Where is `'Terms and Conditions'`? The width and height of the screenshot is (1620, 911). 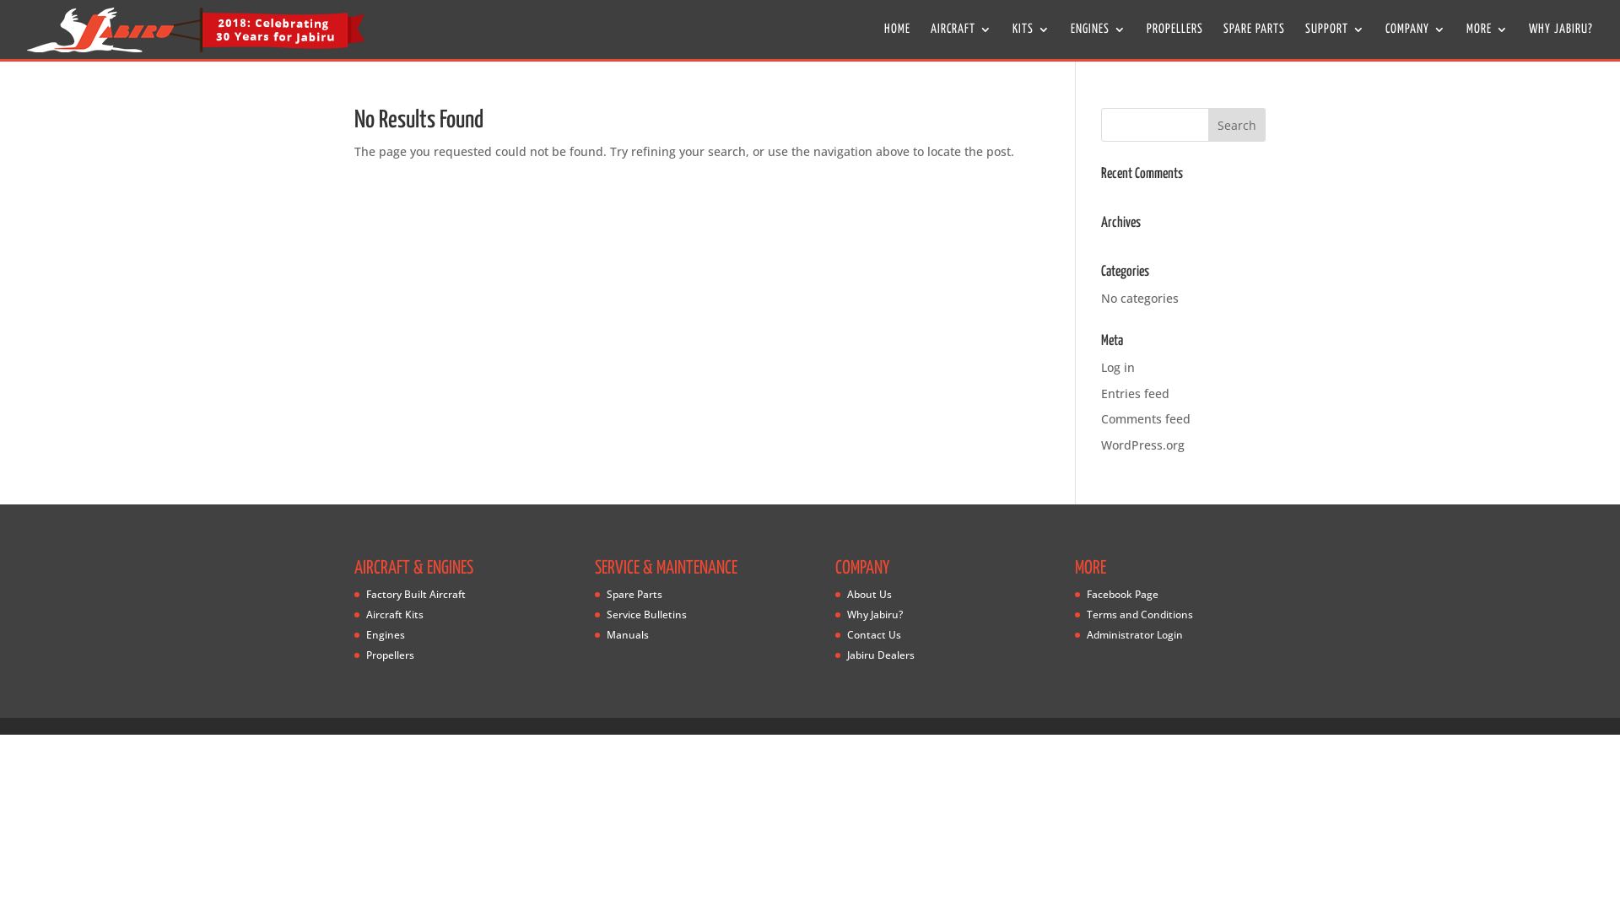 'Terms and Conditions' is located at coordinates (1139, 614).